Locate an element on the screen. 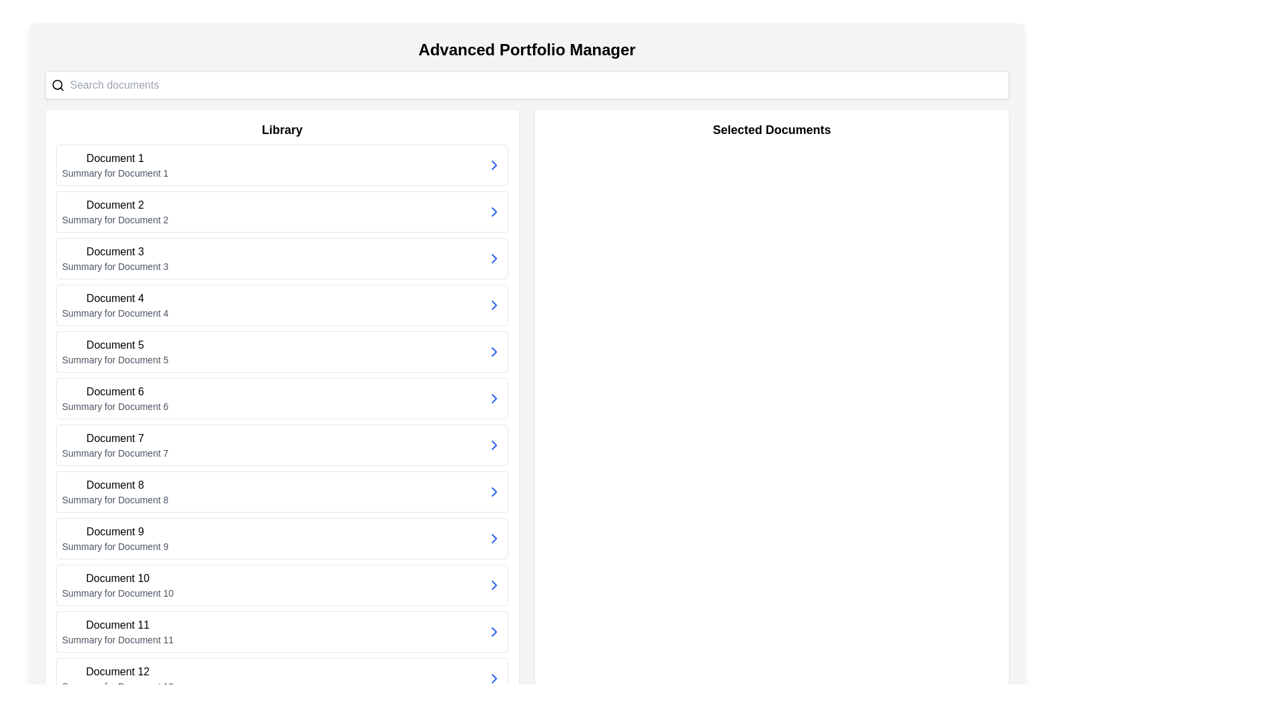 The width and height of the screenshot is (1281, 720). the chevron icon located on the far-right side of the row labeled 'Document 11 Summary for Document 11' is located at coordinates (493, 631).